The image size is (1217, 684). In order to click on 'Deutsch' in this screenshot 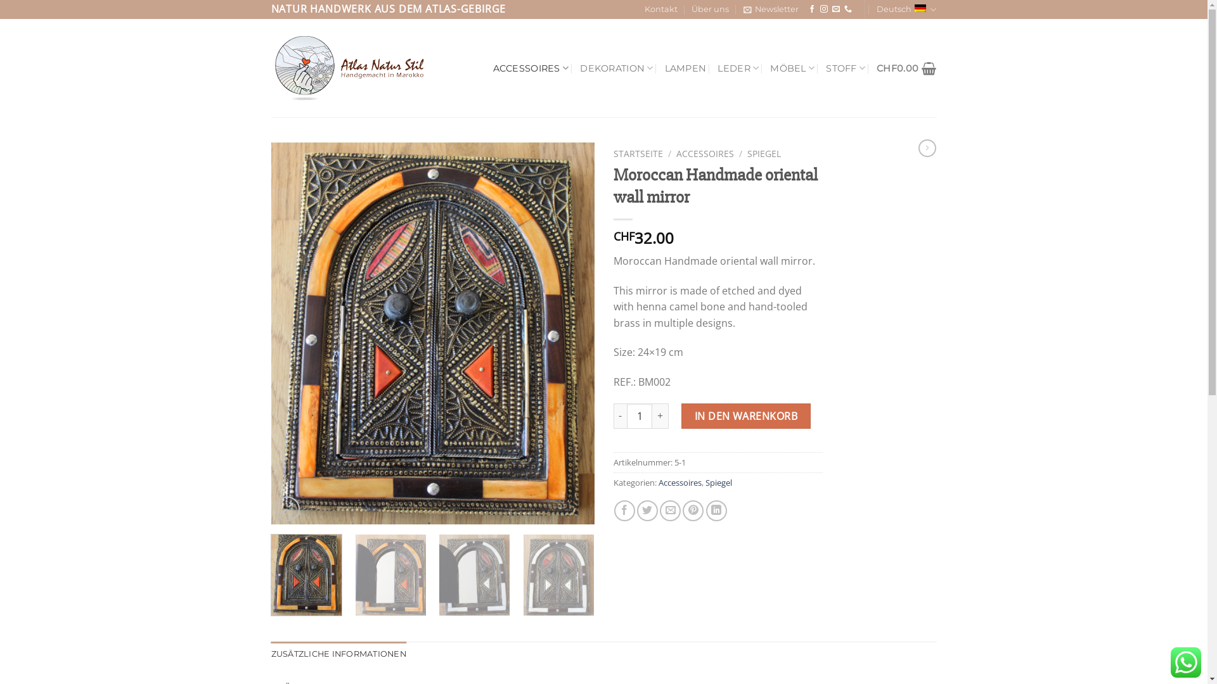, I will do `click(906, 9)`.